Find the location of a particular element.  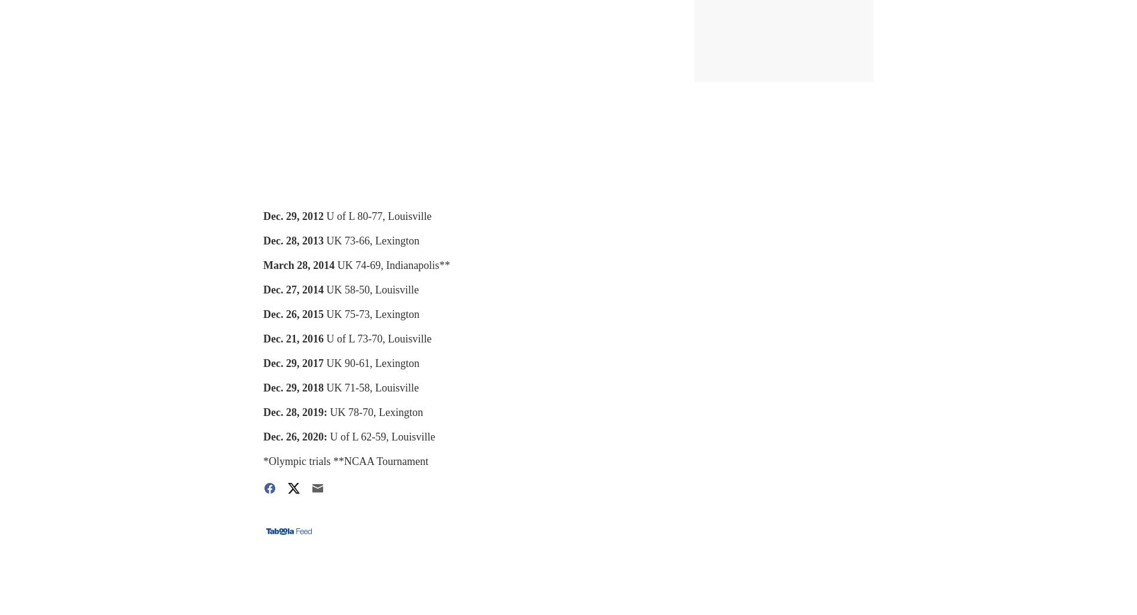

'*Olympic trials **NCAA Tournament' is located at coordinates (345, 461).